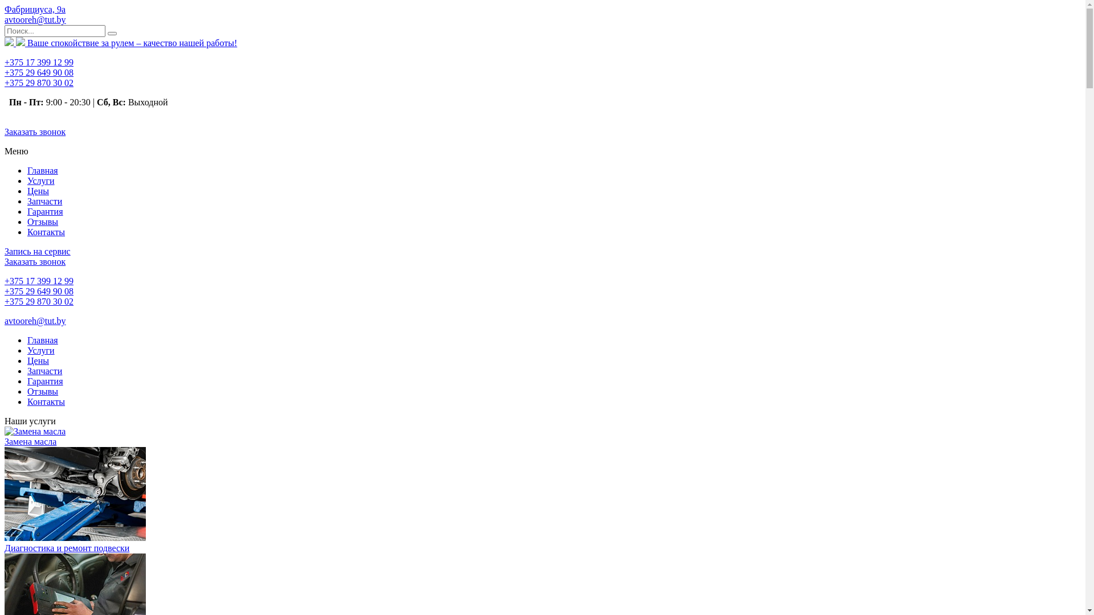 Image resolution: width=1094 pixels, height=615 pixels. What do you see at coordinates (39, 72) in the screenshot?
I see `'+375 29 649 90 08'` at bounding box center [39, 72].